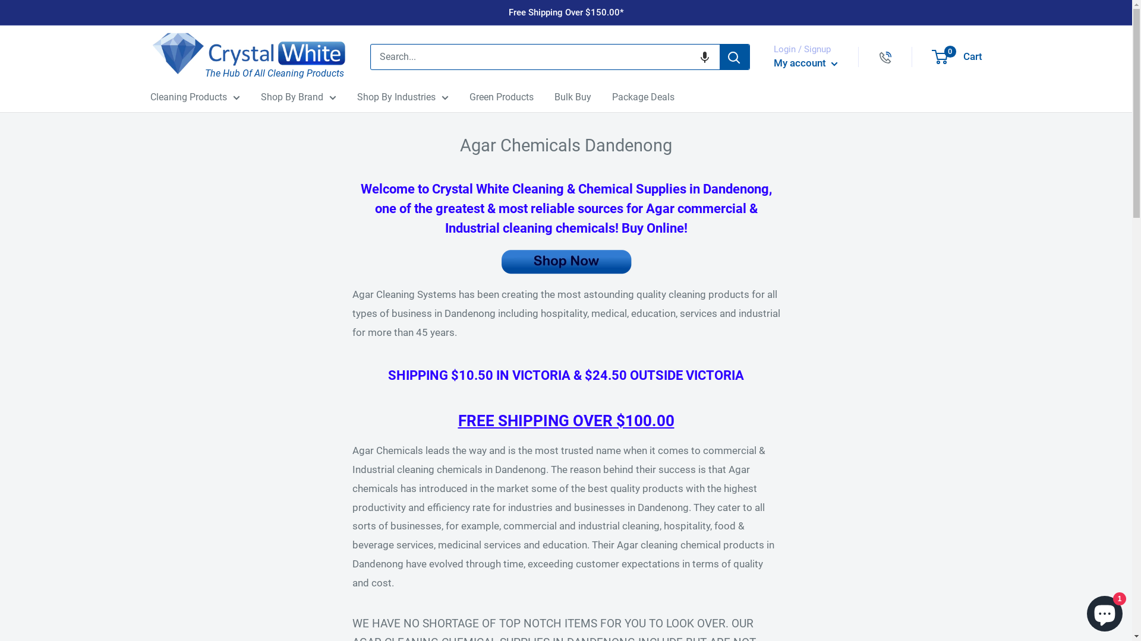 Image resolution: width=1141 pixels, height=641 pixels. Describe the element at coordinates (566, 12) in the screenshot. I see `'Free Shipping Over $150.00*'` at that location.